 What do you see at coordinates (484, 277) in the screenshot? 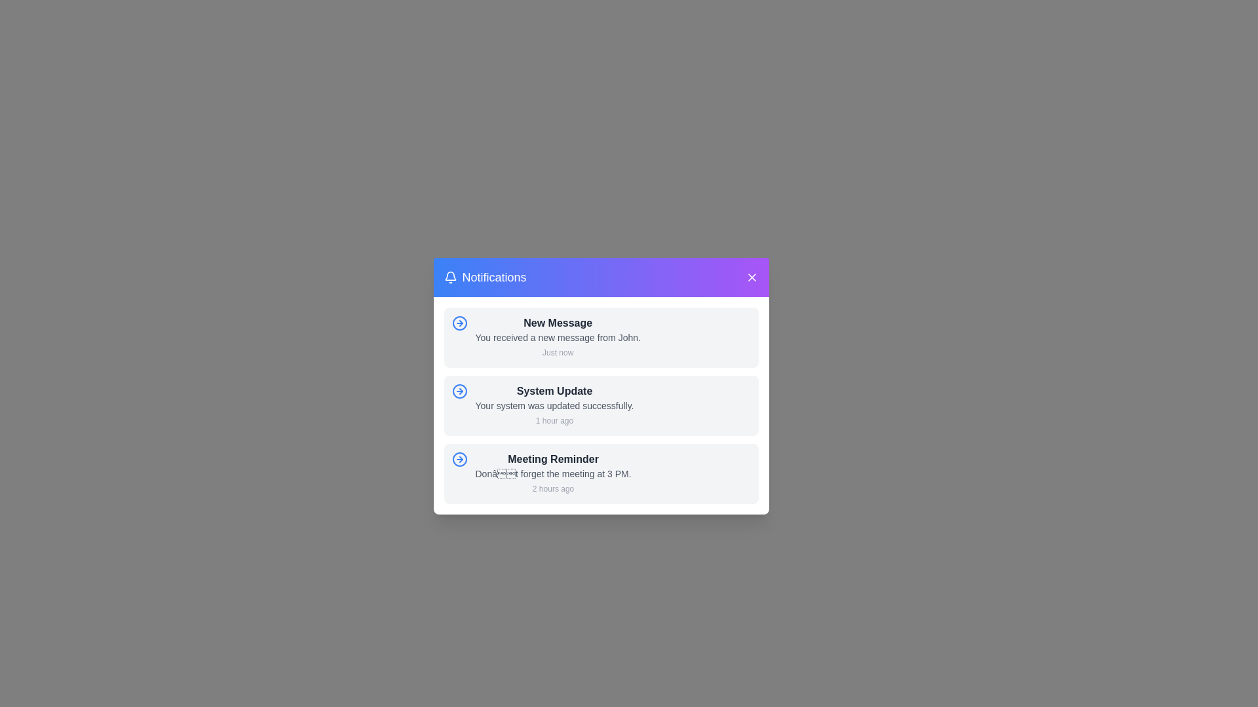
I see `the notifications label located in the top-left portion of the gradient header bar, which serves as a title for the section` at bounding box center [484, 277].